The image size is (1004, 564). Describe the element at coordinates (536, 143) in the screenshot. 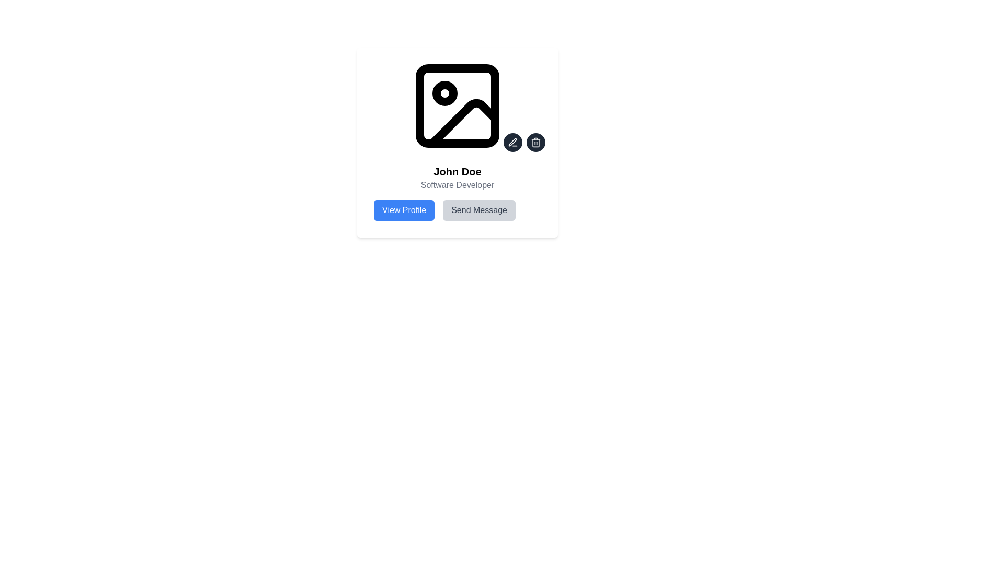

I see `the delete button located in the lower right corner of the user profile card, which features a trashcan icon` at that location.